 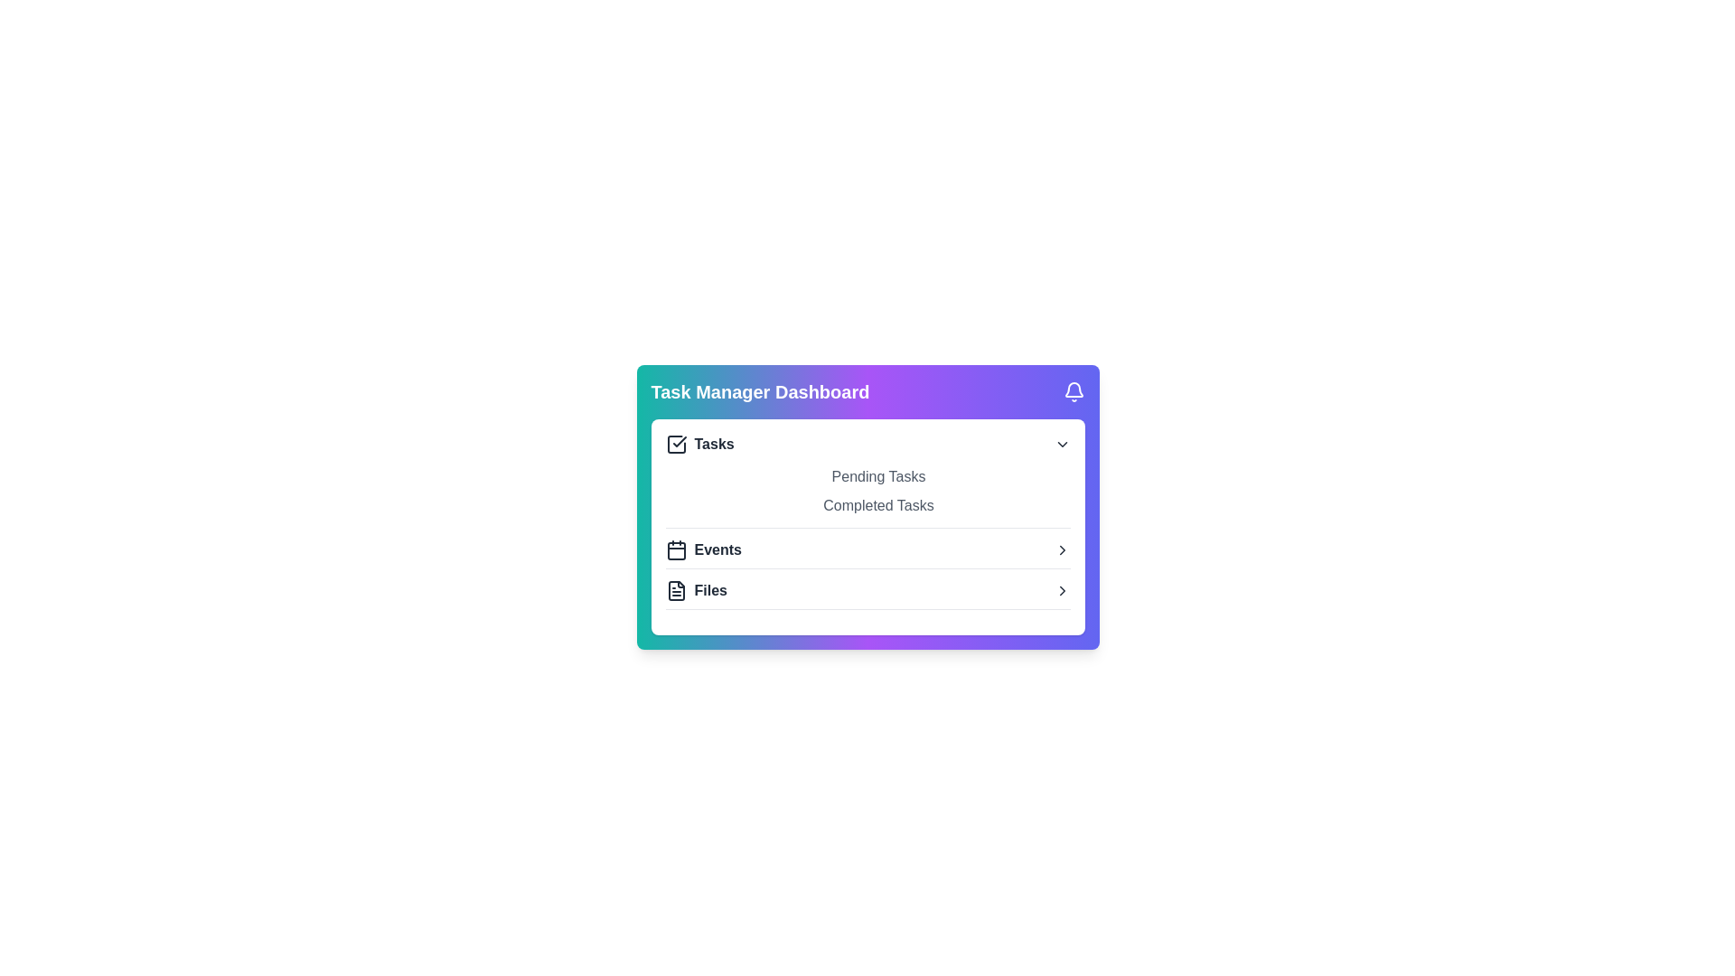 I want to click on the Clickable Label with Icon that serves as a navigation link for accessing the Events section, located, so click(x=702, y=549).